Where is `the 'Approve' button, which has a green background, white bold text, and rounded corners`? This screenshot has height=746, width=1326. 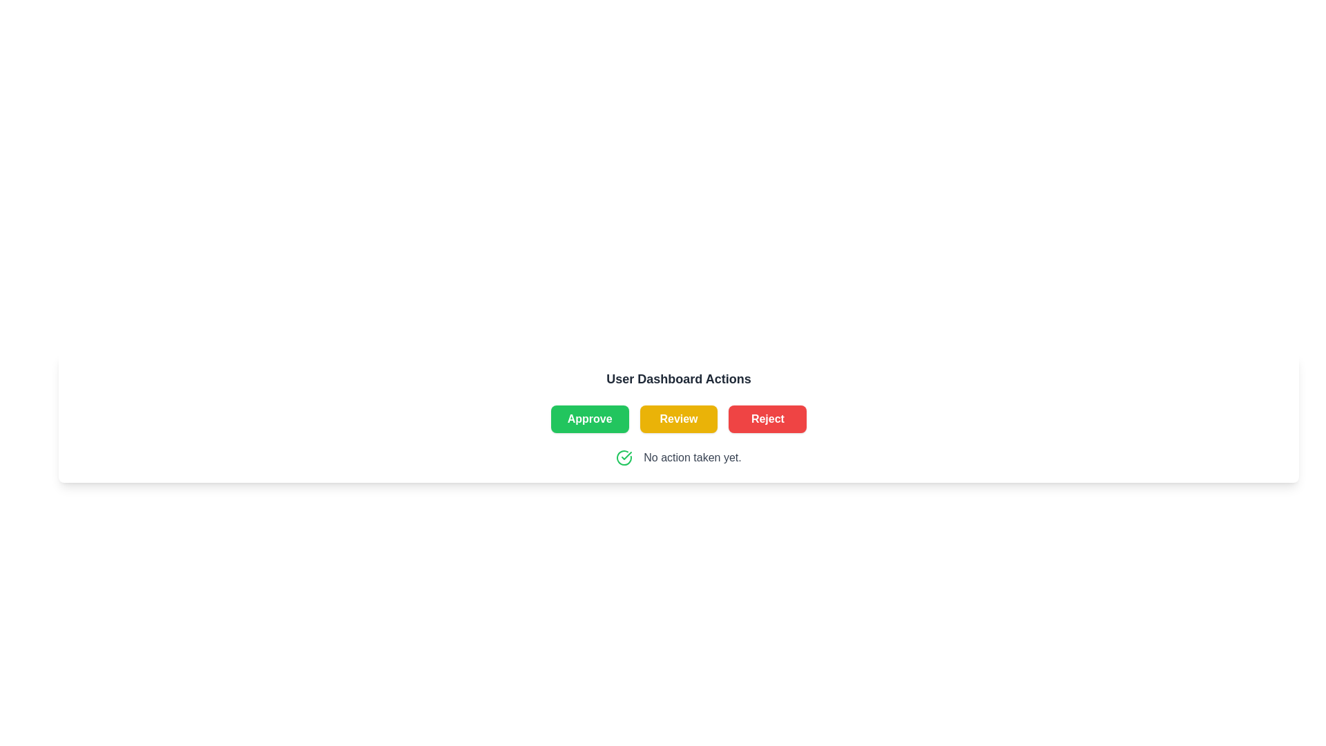
the 'Approve' button, which has a green background, white bold text, and rounded corners is located at coordinates (590, 418).